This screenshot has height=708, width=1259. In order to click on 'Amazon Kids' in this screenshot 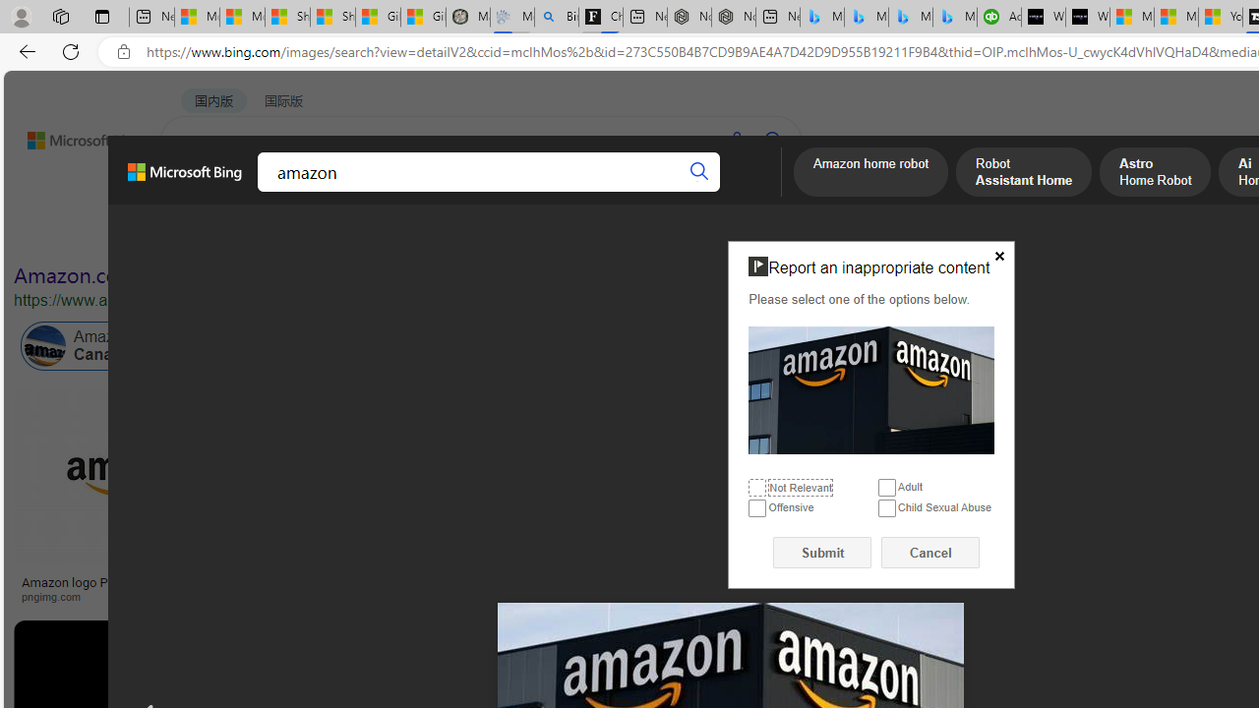, I will do `click(414, 345)`.